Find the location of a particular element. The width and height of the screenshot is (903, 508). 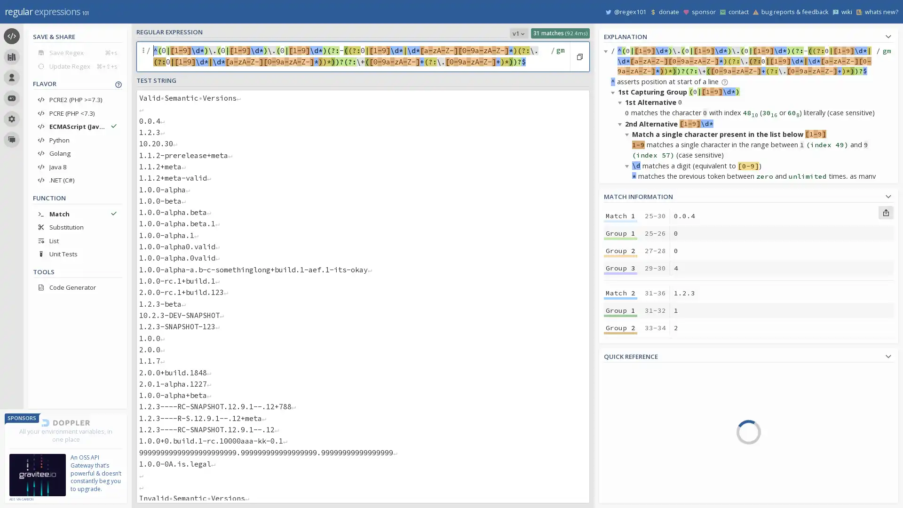

ECMAScript (JavaScript) is located at coordinates (77, 126).